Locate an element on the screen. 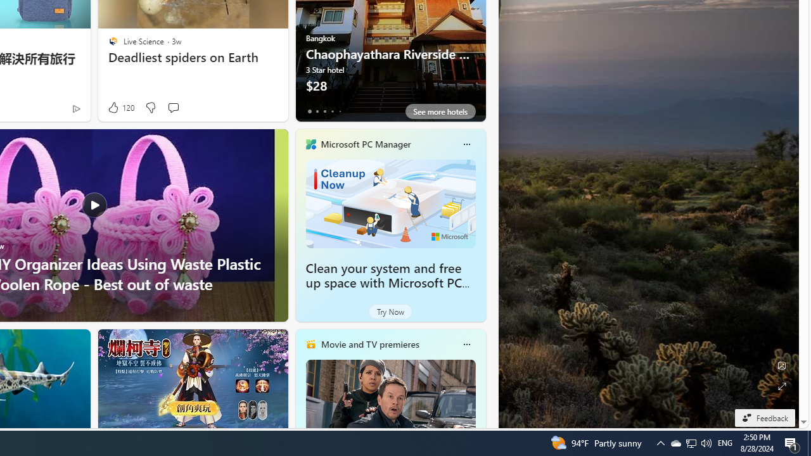 This screenshot has height=456, width=811. 'See more hotels' is located at coordinates (440, 111).